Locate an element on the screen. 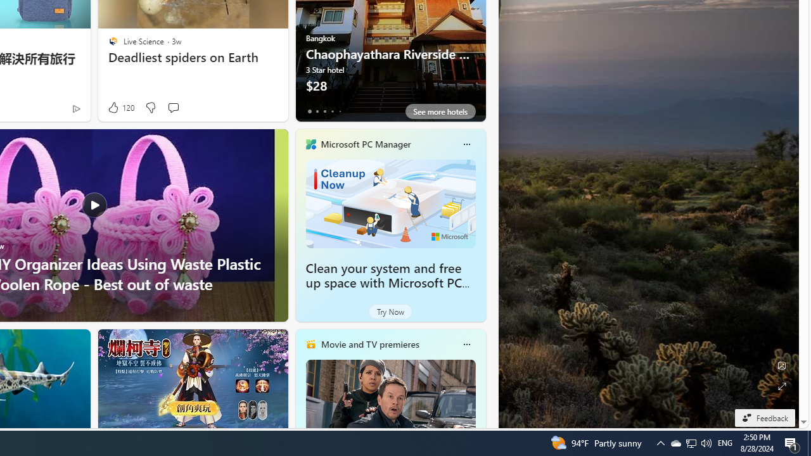 This screenshot has height=456, width=811. 'See more hotels' is located at coordinates (440, 111).